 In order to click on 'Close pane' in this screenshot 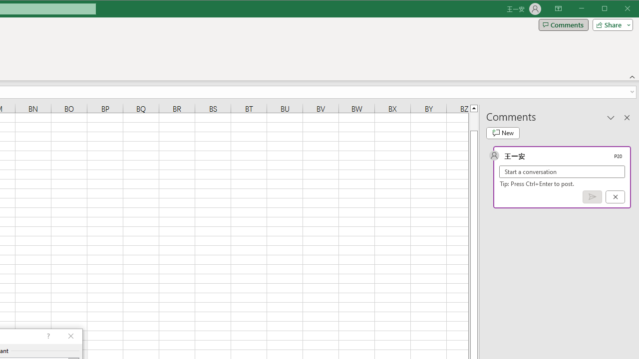, I will do `click(627, 117)`.